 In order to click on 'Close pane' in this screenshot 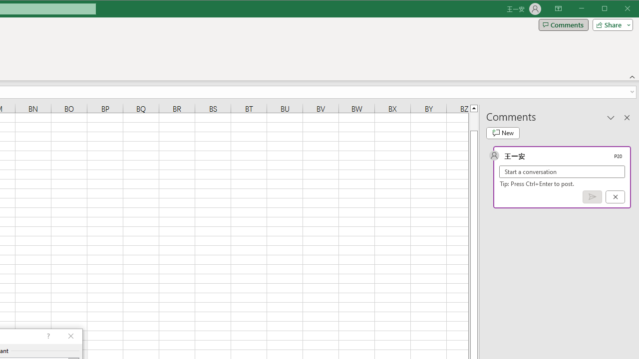, I will do `click(627, 117)`.